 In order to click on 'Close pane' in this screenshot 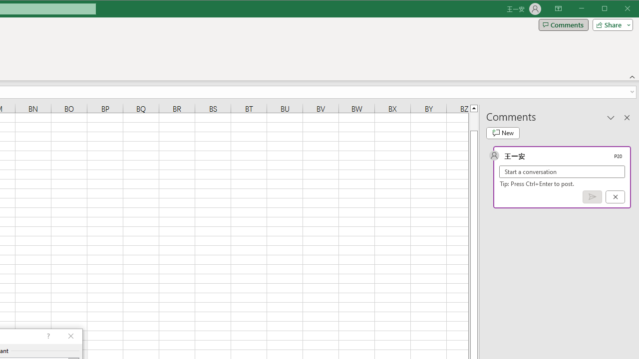, I will do `click(627, 117)`.